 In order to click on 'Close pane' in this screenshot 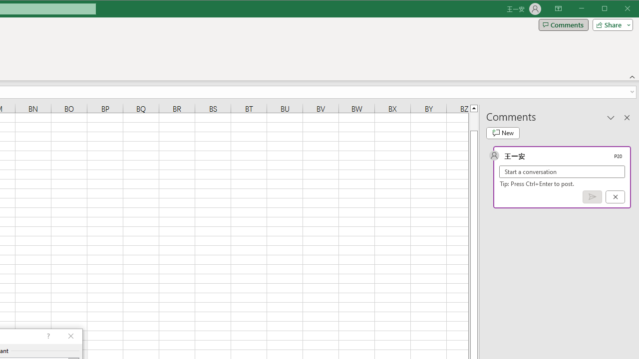, I will do `click(627, 117)`.